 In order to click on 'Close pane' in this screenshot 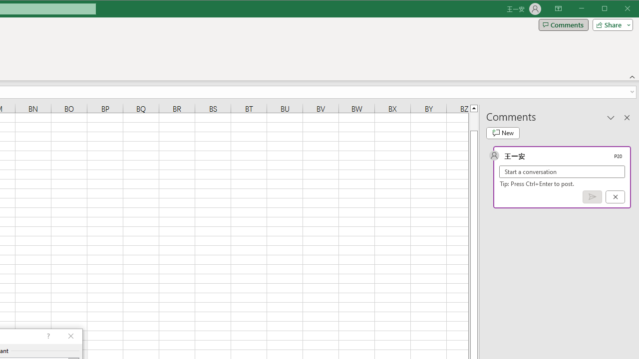, I will do `click(627, 117)`.